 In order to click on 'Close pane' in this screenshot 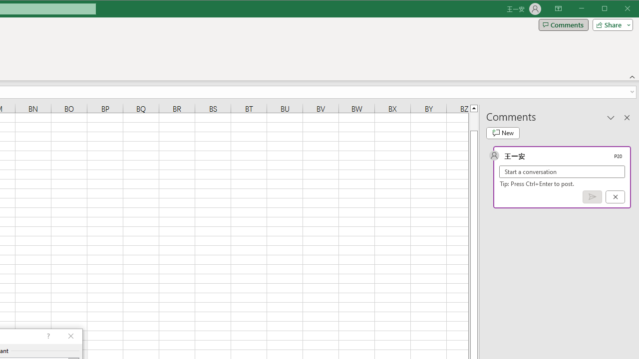, I will do `click(627, 117)`.